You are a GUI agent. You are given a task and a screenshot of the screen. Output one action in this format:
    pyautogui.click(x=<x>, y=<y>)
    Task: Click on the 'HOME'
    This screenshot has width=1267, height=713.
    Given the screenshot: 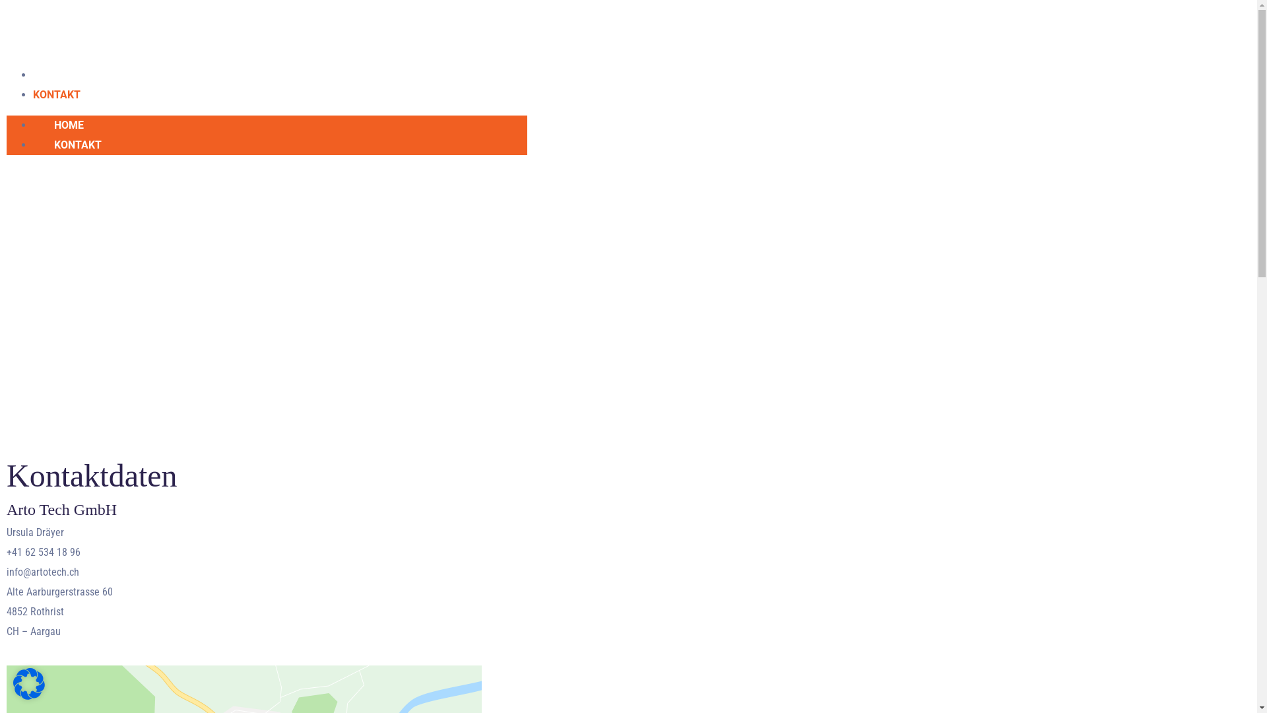 What is the action you would take?
    pyautogui.click(x=48, y=75)
    